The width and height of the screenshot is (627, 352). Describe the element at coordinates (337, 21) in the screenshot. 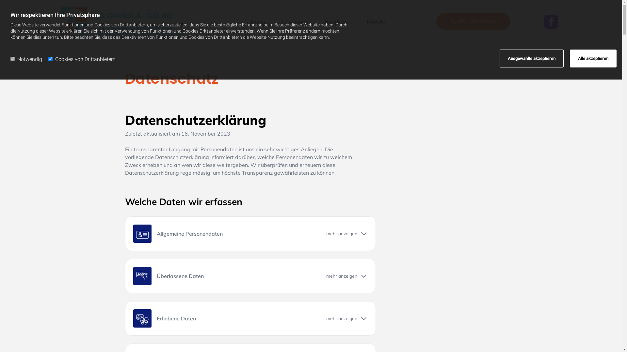

I see `'Badplaner'` at that location.